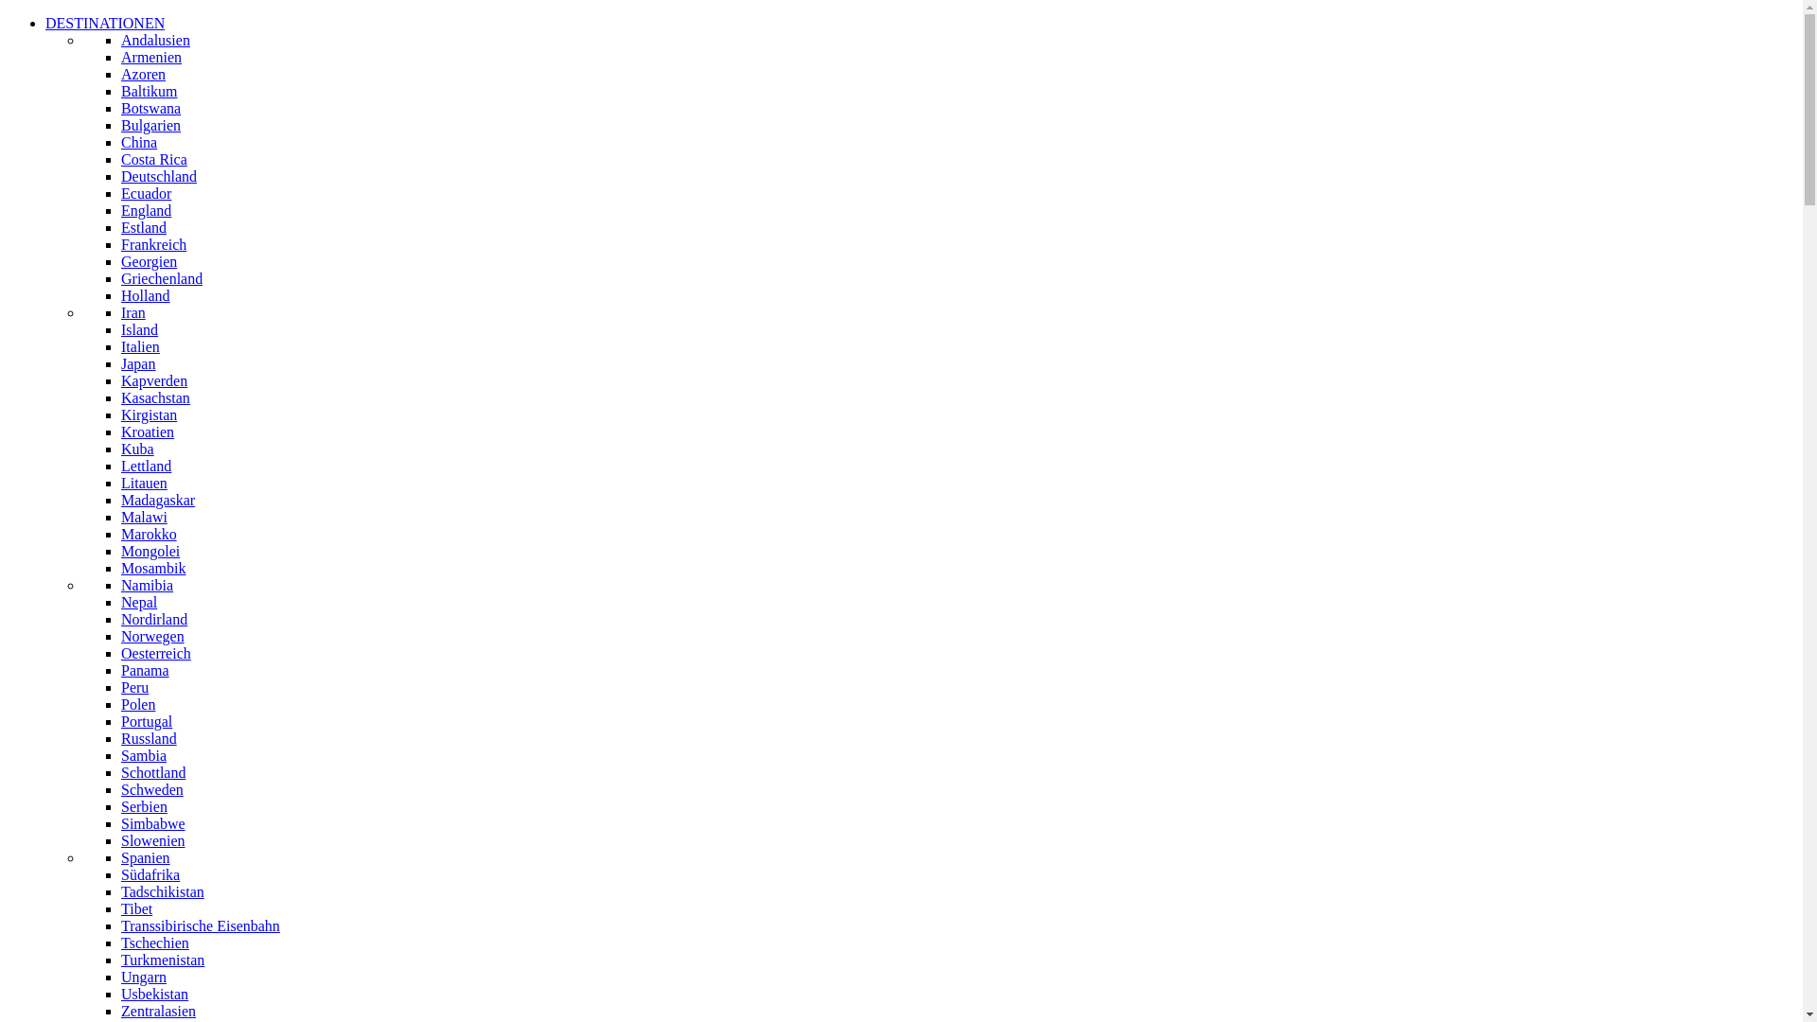 The width and height of the screenshot is (1817, 1022). Describe the element at coordinates (143, 482) in the screenshot. I see `'Litauen'` at that location.